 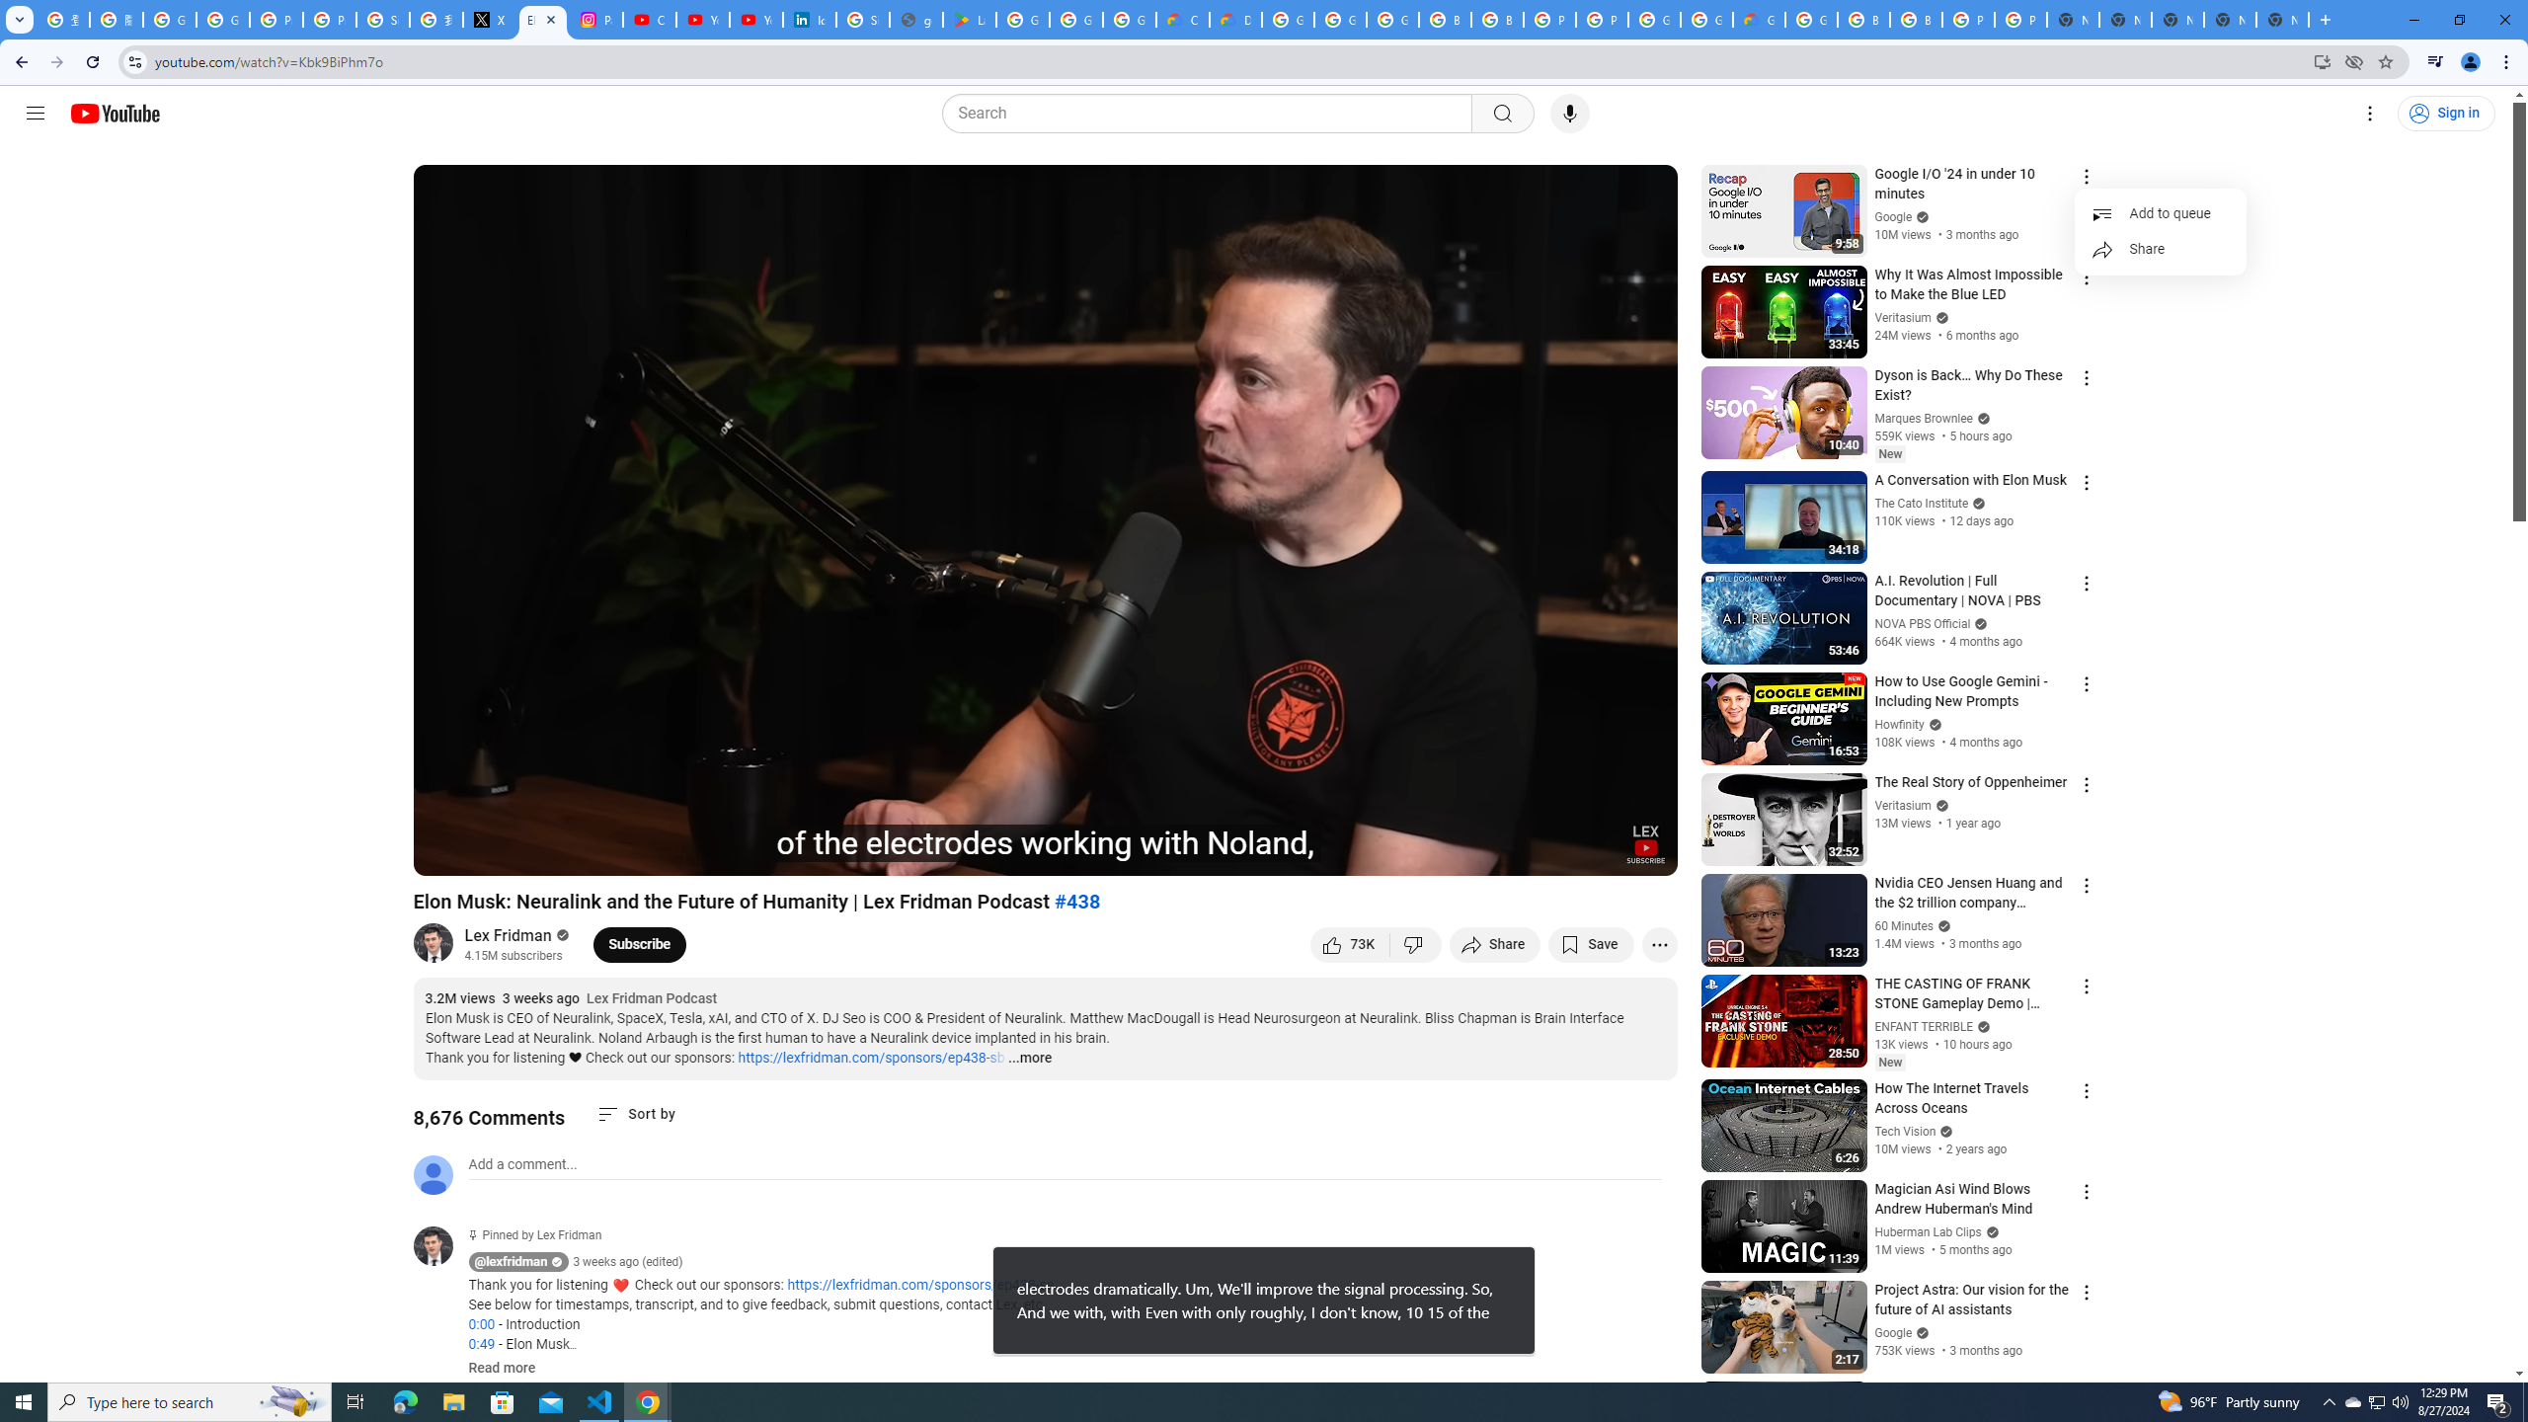 What do you see at coordinates (2159, 212) in the screenshot?
I see `'Add to queue'` at bounding box center [2159, 212].